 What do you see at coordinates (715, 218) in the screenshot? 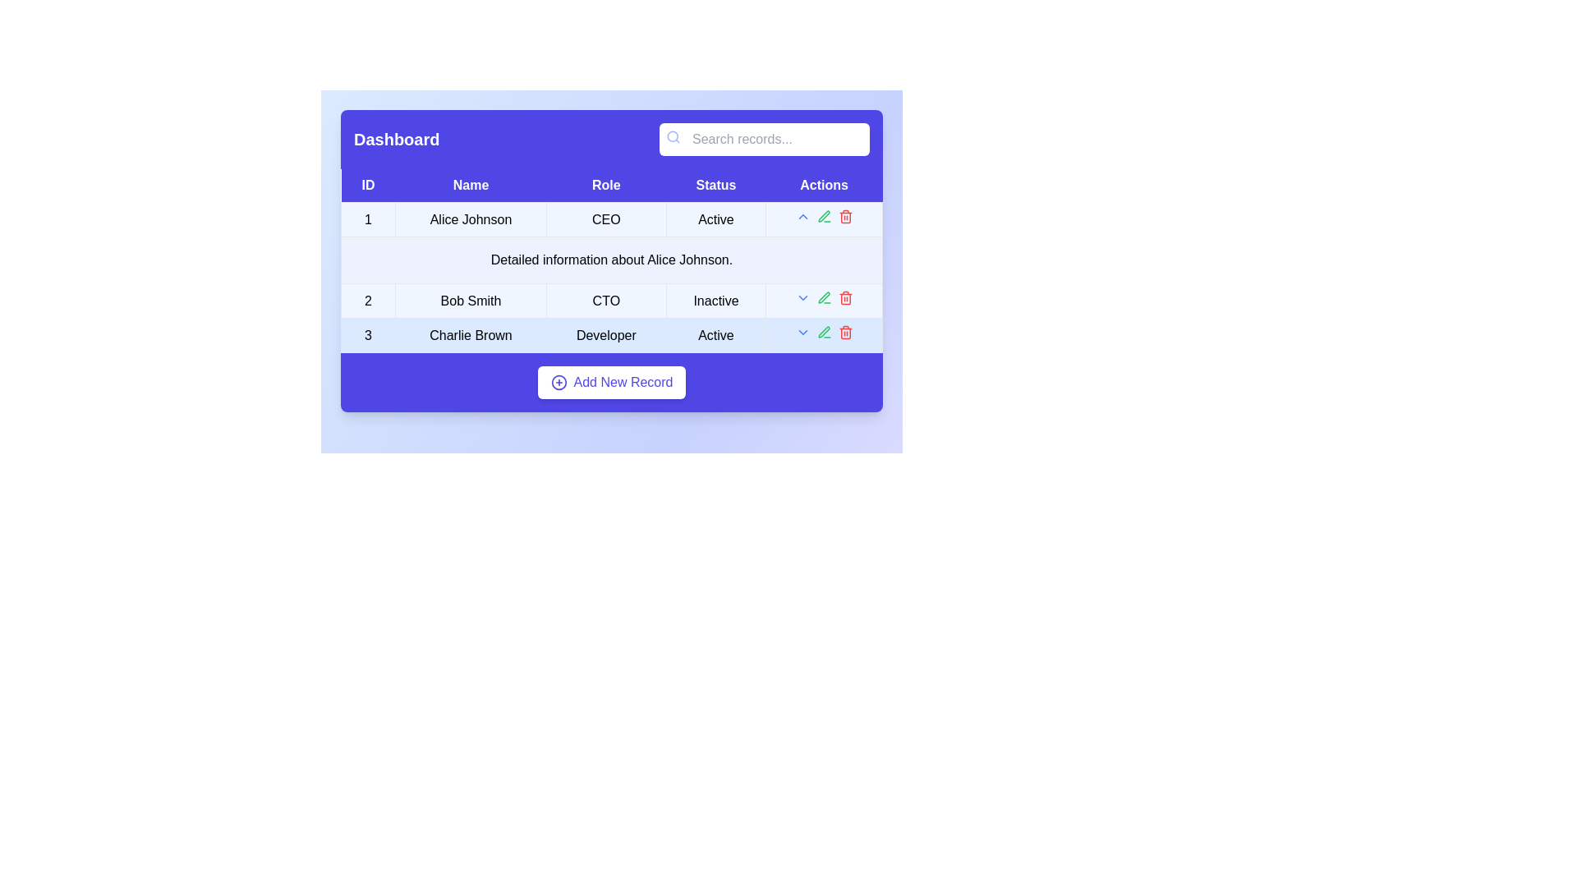
I see `text 'Active' from the Text label in the 'Status' column of the first row in the Dashboard interface, which is a rectangular cell with a light background and black font` at bounding box center [715, 218].